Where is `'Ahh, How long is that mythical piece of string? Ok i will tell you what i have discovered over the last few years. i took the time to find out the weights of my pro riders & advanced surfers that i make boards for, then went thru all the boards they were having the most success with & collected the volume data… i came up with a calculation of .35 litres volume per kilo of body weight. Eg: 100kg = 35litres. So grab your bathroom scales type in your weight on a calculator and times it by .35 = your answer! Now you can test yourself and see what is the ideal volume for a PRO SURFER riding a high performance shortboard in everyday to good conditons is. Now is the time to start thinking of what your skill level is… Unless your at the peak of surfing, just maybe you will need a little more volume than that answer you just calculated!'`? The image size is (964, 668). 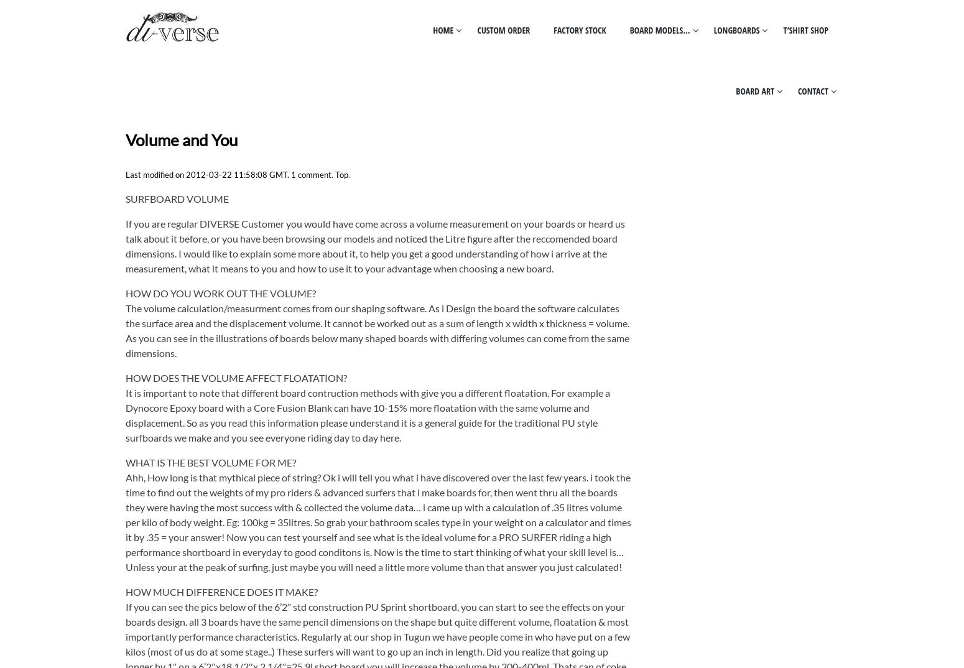
'Ahh, How long is that mythical piece of string? Ok i will tell you what i have discovered over the last few years. i took the time to find out the weights of my pro riders & advanced surfers that i make boards for, then went thru all the boards they were having the most success with & collected the volume data… i came up with a calculation of .35 litres volume per kilo of body weight. Eg: 100kg = 35litres. So grab your bathroom scales type in your weight on a calculator and times it by .35 = your answer! Now you can test yourself and see what is the ideal volume for a PRO SURFER riding a high performance shortboard in everyday to good conditons is. Now is the time to start thinking of what your skill level is… Unless your at the peak of surfing, just maybe you will need a little more volume than that answer you just calculated!' is located at coordinates (378, 522).